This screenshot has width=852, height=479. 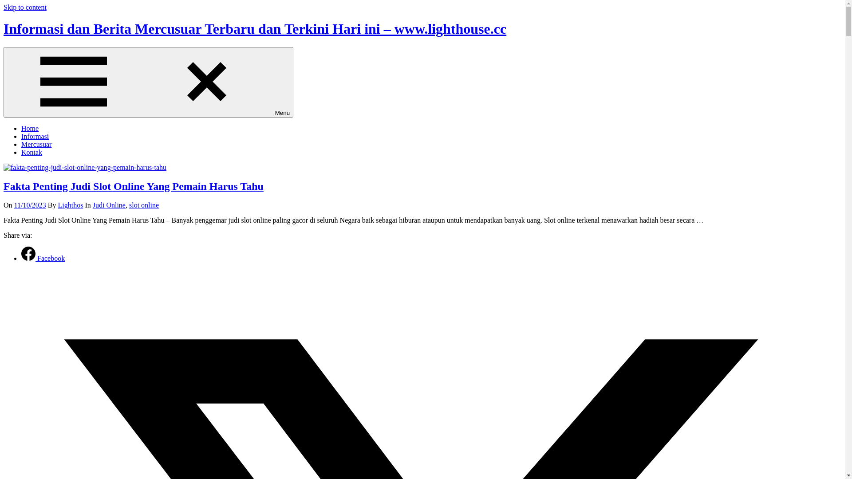 What do you see at coordinates (35, 136) in the screenshot?
I see `'Informasi'` at bounding box center [35, 136].